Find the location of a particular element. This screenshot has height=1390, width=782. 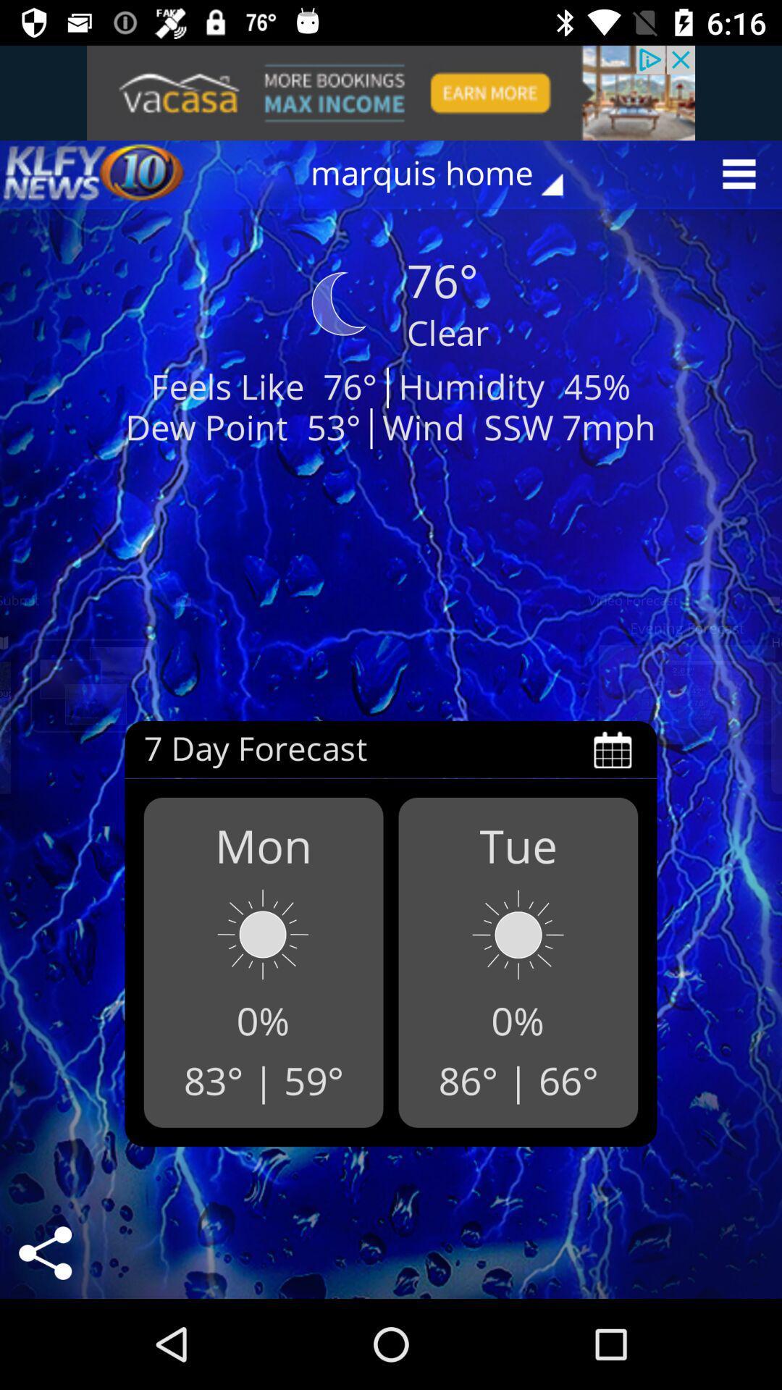

the share icon is located at coordinates (44, 1252).